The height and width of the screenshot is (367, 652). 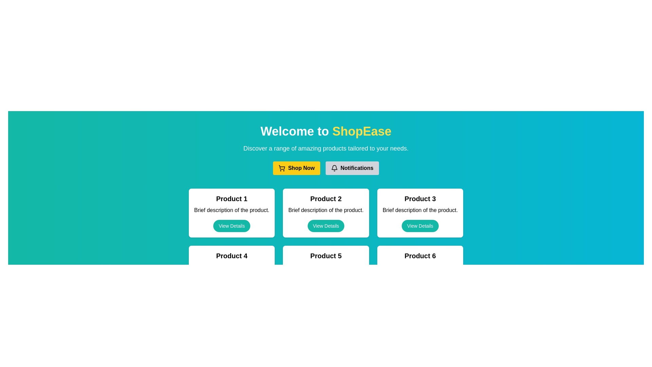 What do you see at coordinates (232, 269) in the screenshot?
I see `the teal-colored 'View Details' button located at the bottom of the white rectangular card labeled 'Product 4'` at bounding box center [232, 269].